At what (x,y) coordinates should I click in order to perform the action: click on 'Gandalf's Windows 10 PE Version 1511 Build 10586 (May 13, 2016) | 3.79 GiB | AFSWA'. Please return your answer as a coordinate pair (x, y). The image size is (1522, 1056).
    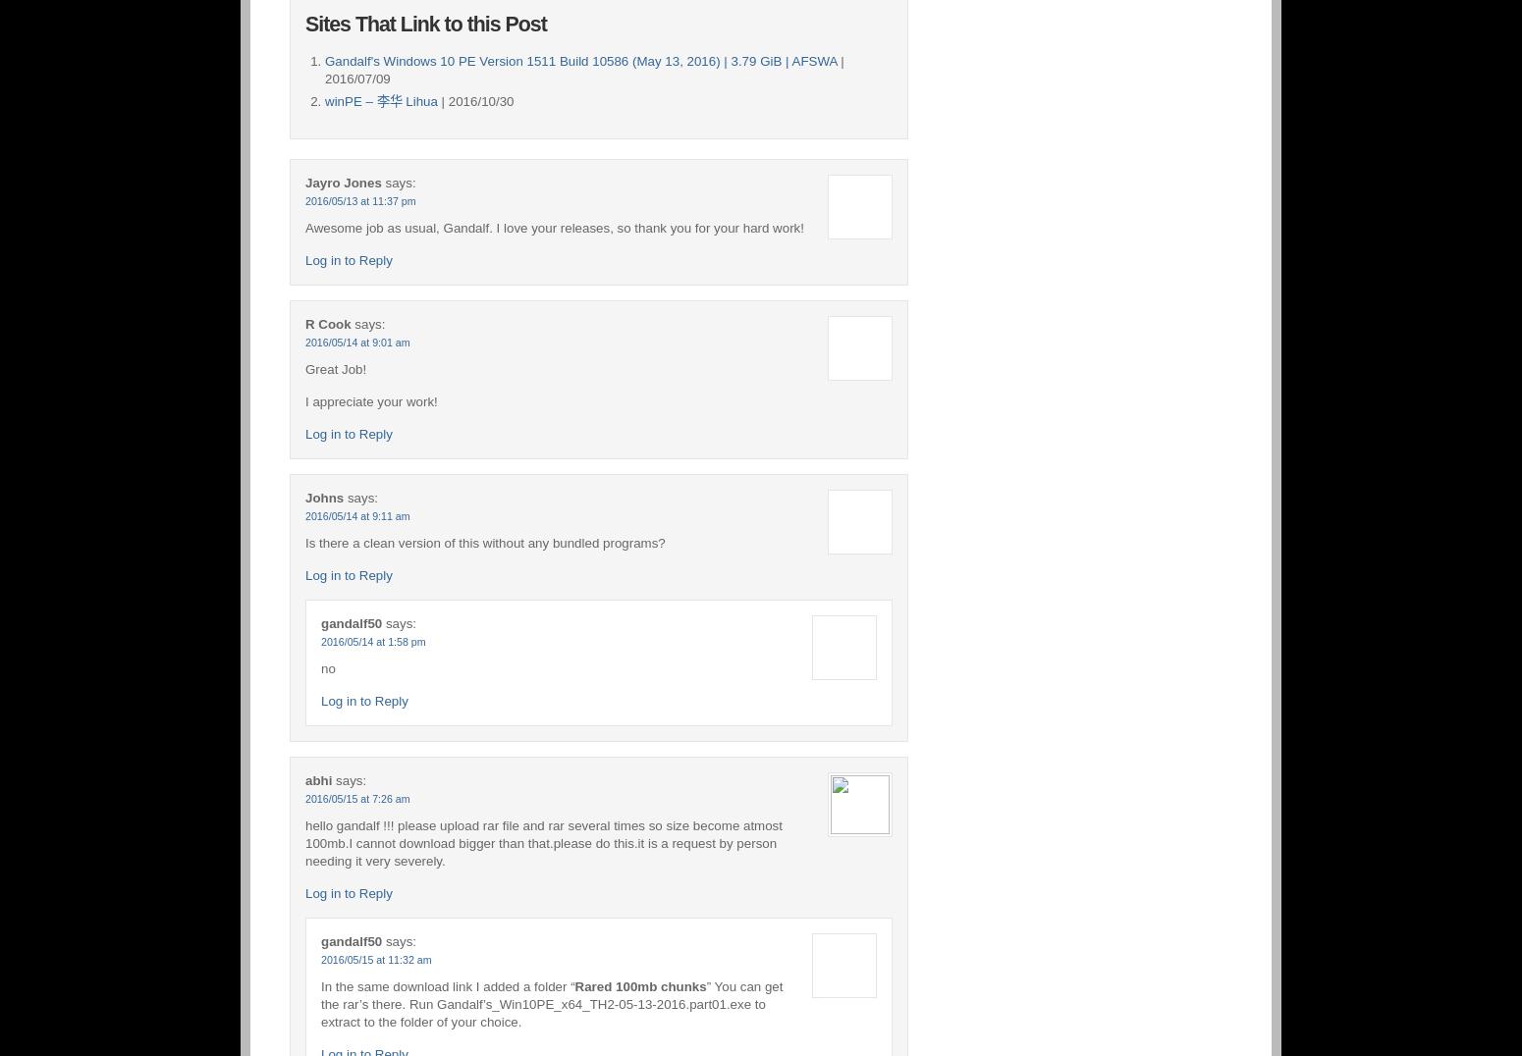
    Looking at the image, I should click on (580, 60).